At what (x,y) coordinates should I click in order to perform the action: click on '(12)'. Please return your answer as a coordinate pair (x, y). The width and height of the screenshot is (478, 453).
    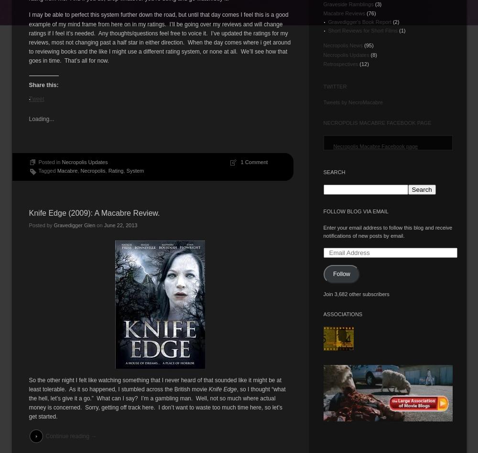
    Looking at the image, I should click on (363, 63).